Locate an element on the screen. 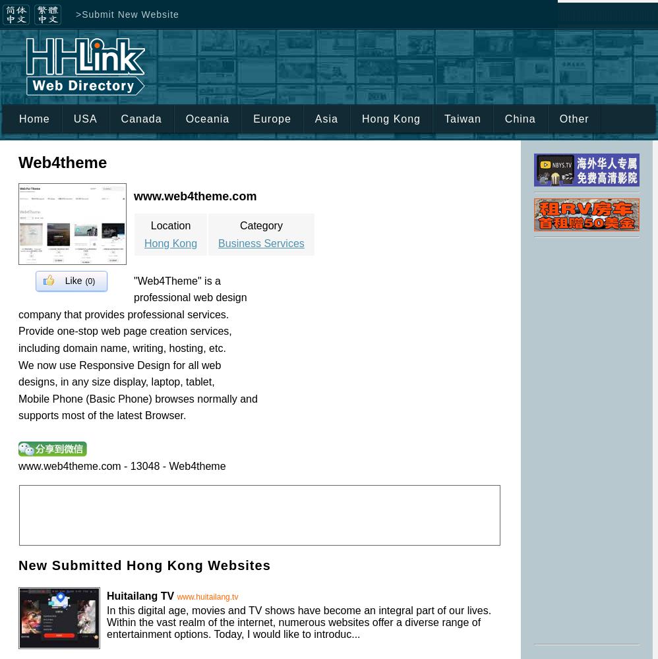 This screenshot has height=659, width=658. '>Submit New Website' is located at coordinates (127, 14).